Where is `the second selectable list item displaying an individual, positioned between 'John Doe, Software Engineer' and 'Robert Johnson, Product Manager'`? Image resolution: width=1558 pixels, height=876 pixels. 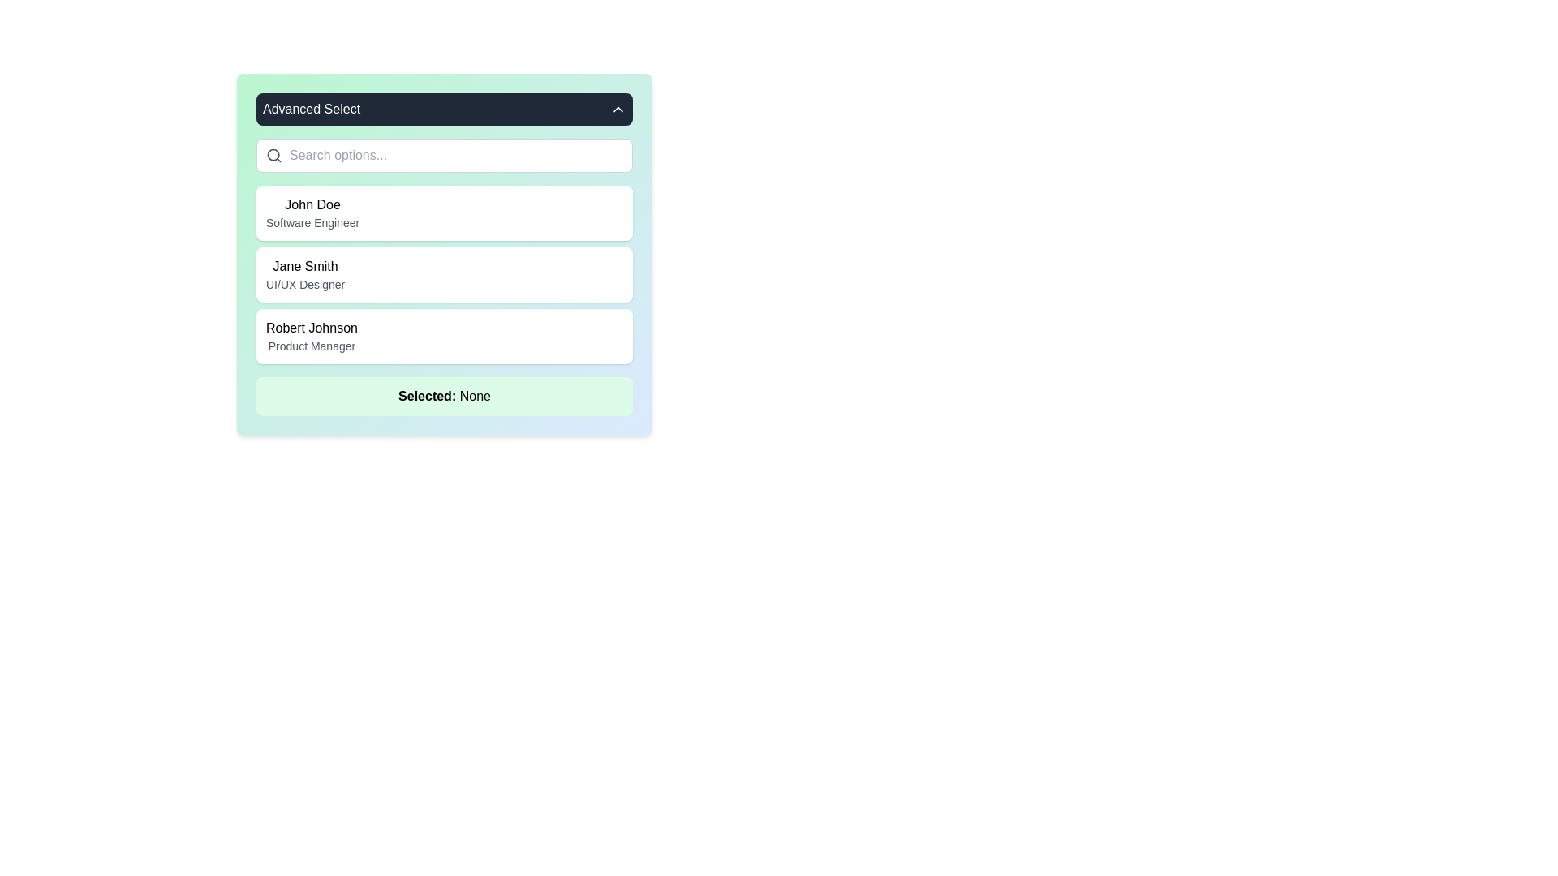 the second selectable list item displaying an individual, positioned between 'John Doe, Software Engineer' and 'Robert Johnson, Product Manager' is located at coordinates (305, 274).